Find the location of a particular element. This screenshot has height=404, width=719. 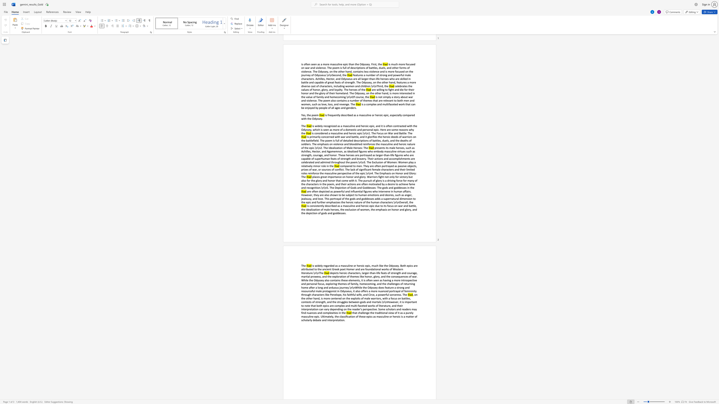

the subset text "seen as having a more introspective and personal focus, exploring themes of family, homecoming, and the challenges of returning home after a long and arduous journey.\n\nWhil" within the text "depicts heroic characters, larger-than-life feats of strength and courage, martial prowess, and the exploration of themes like honor, glory, and the consequences of war. While the Odyssey also contains these elements, it is often seen as having a more introspective and personal focus, exploring themes of family, homecoming, and the challenges of returning home after a long and arduous journey.\n\nWhile the Odyssey does feature a strong and resourceful male protagonist in Odysseus, it also offers a more nuanced portrayal of femininity through characters like Penelope, his faithful wife, and Circe, a powerful sorceress. The" is located at coordinates (373, 280).